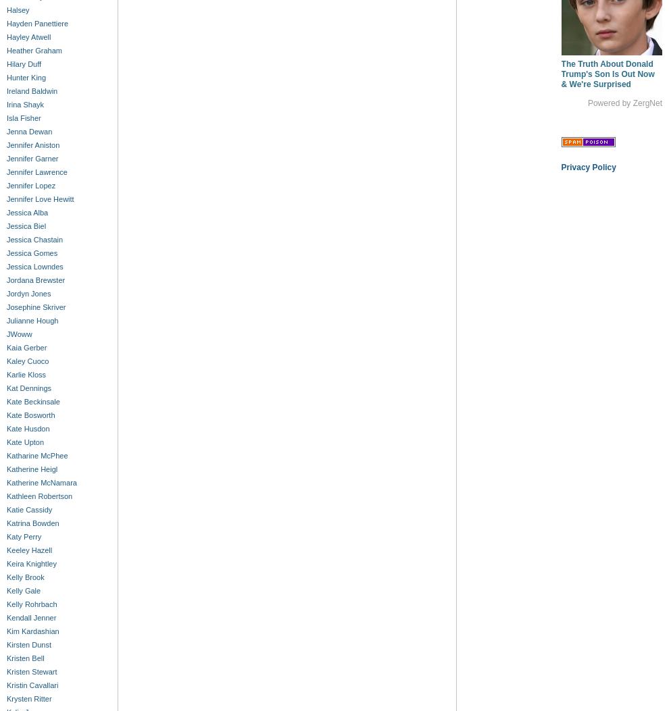 The width and height of the screenshot is (669, 711). I want to click on 'JWoww', so click(18, 334).